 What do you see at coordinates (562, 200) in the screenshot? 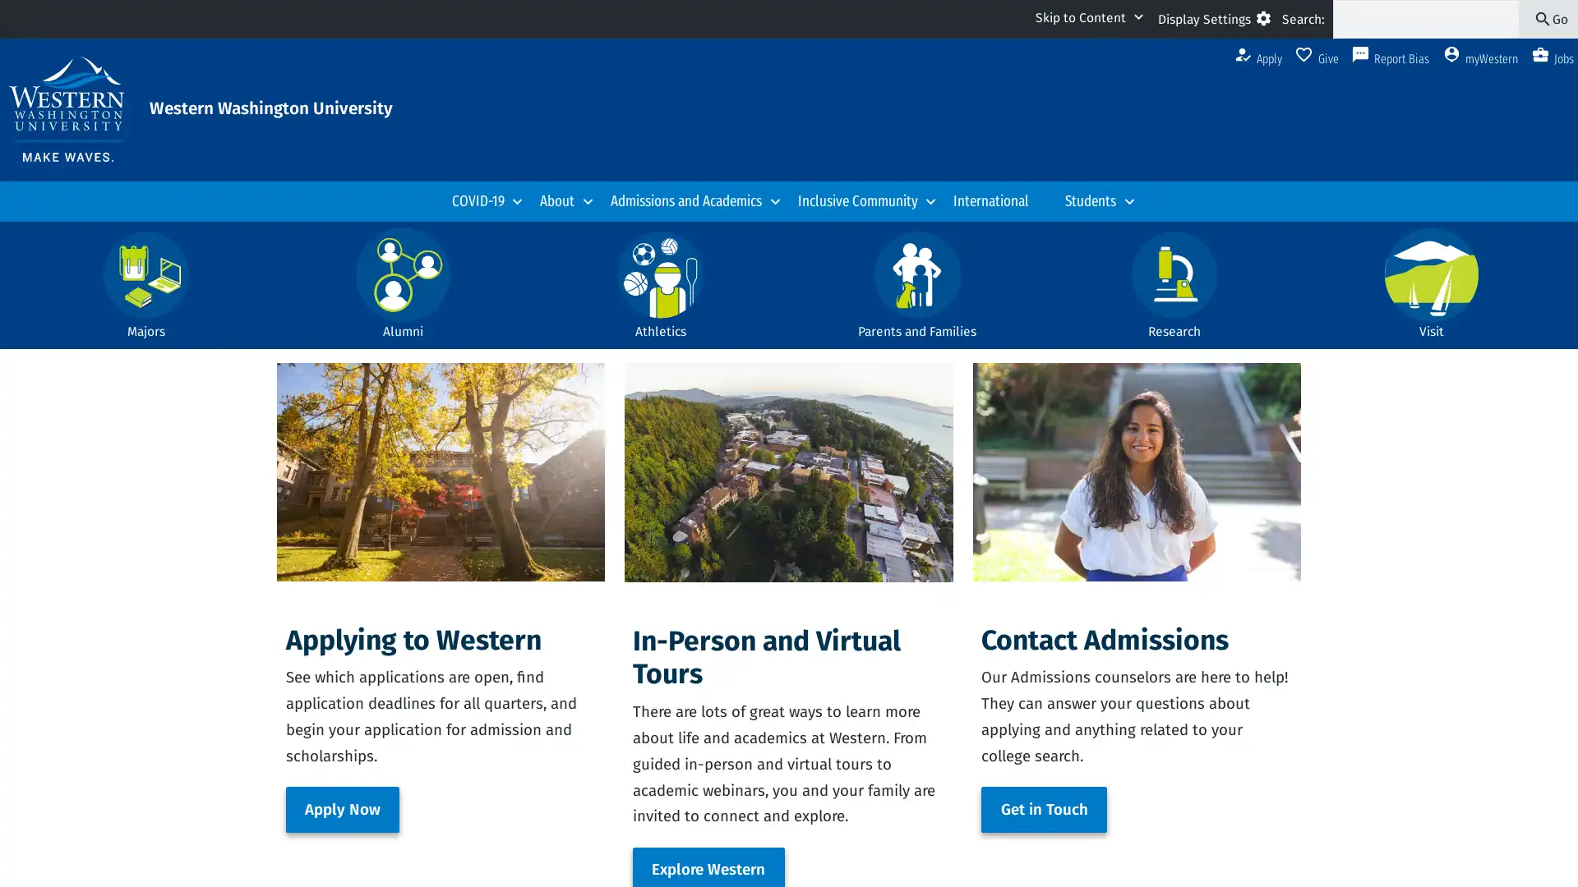
I see `About` at bounding box center [562, 200].